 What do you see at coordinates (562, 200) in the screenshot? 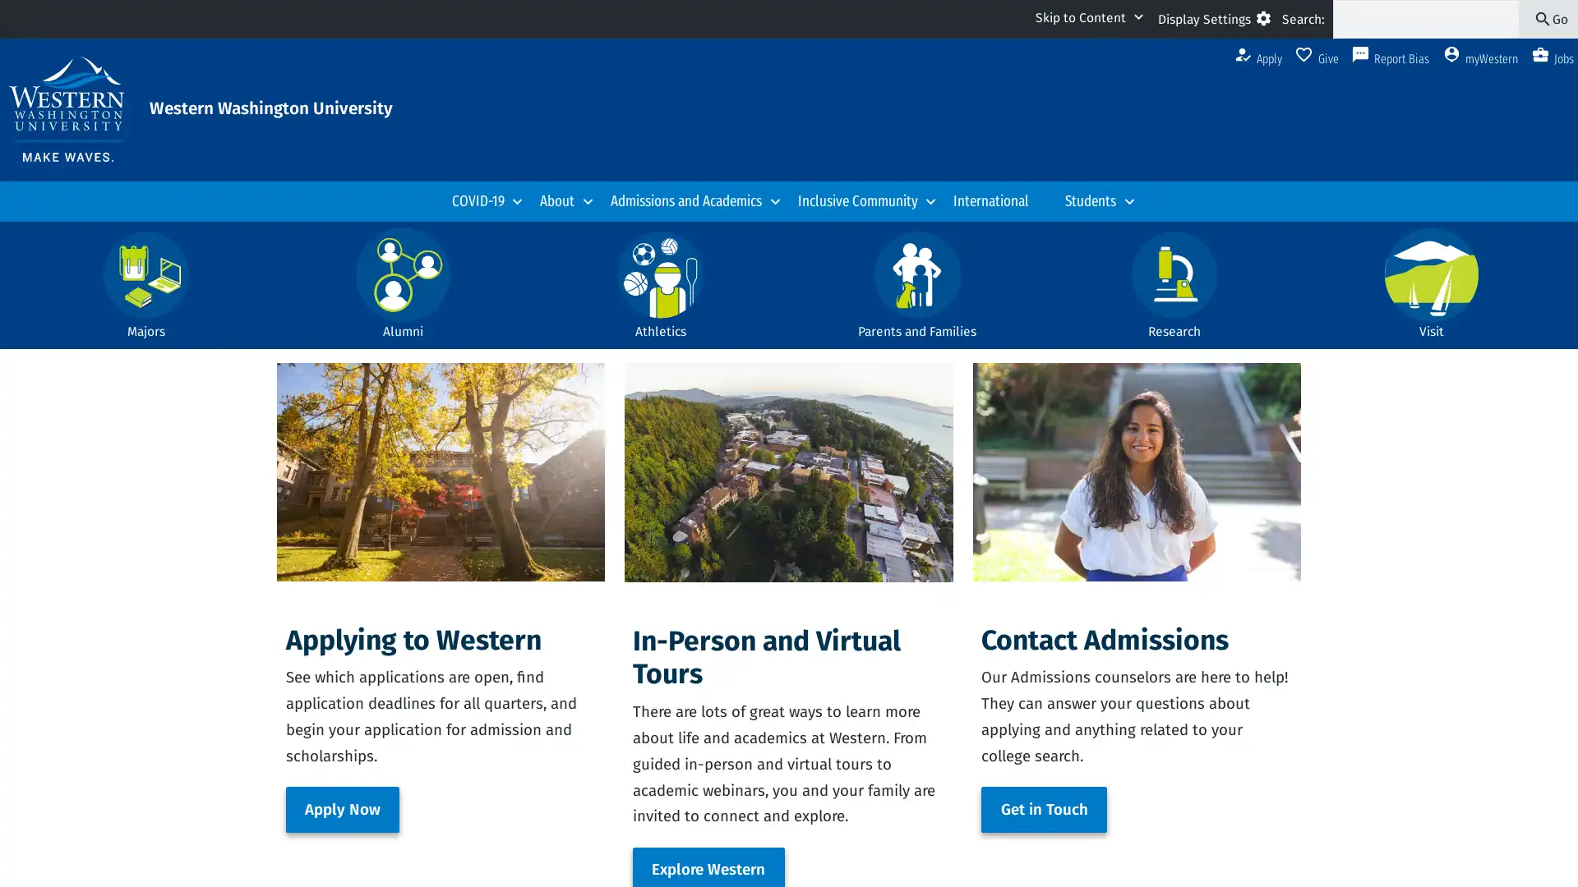
I see `About` at bounding box center [562, 200].